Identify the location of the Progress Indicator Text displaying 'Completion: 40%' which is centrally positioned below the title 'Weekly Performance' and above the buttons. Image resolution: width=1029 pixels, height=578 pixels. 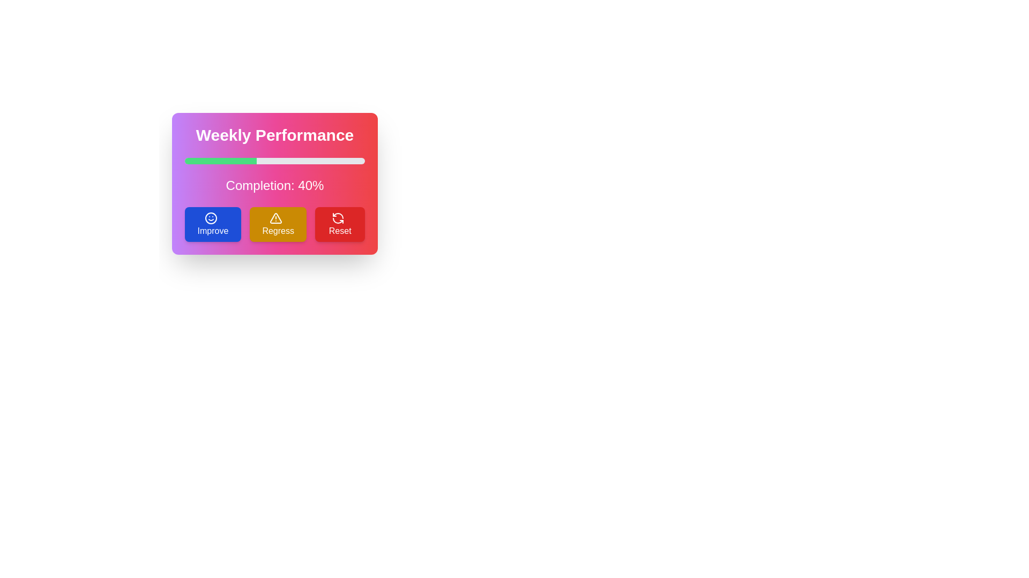
(275, 185).